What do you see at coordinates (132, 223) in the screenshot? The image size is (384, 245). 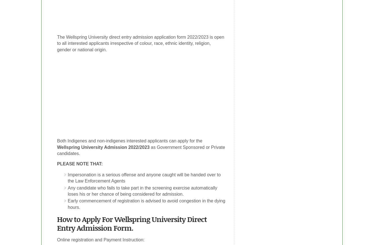 I see `'How to Apply For Wellspring University Direct Entry Admission Form.'` at bounding box center [132, 223].